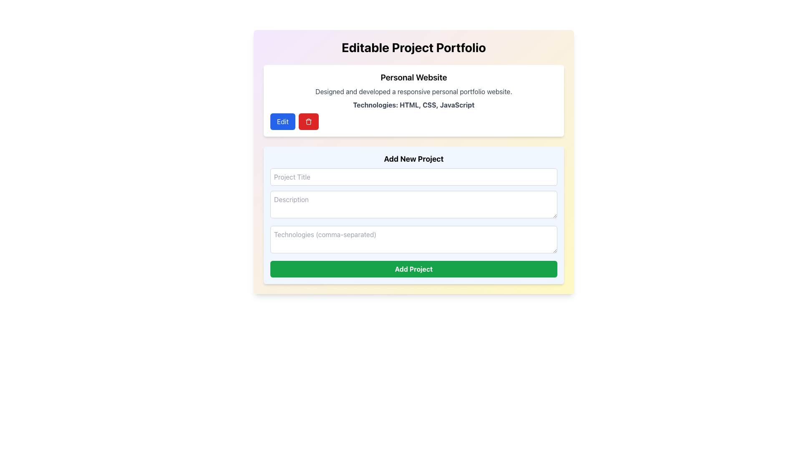 The height and width of the screenshot is (450, 801). I want to click on the 'Edit' button, which is a vibrant blue rounded rectangular button with bold white text, so click(282, 122).